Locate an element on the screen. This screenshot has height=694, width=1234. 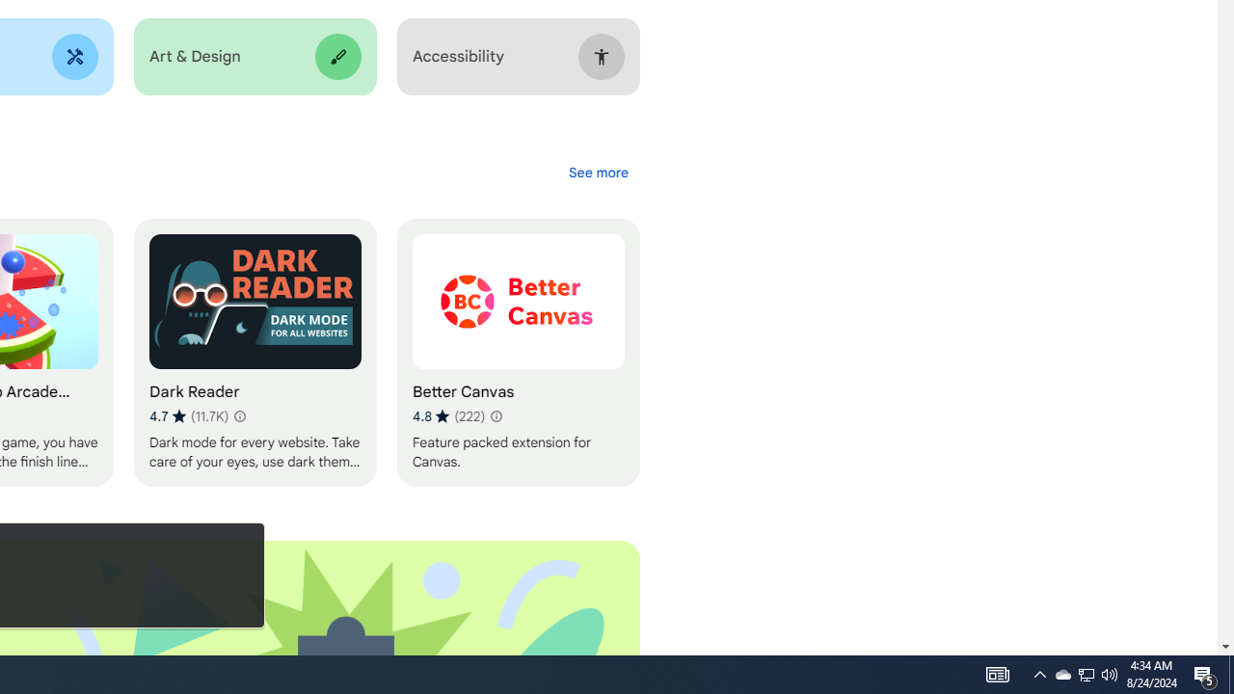
'Dark Reader' is located at coordinates (254, 353).